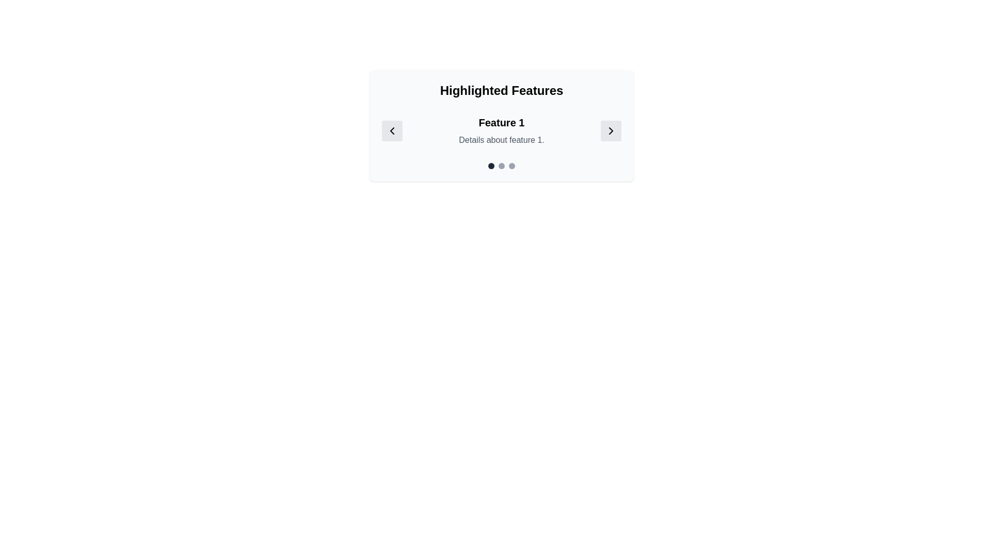 The width and height of the screenshot is (991, 557). Describe the element at coordinates (611, 130) in the screenshot. I see `the small right-pointing chevron icon inside the rounded square button with a light gray background` at that location.